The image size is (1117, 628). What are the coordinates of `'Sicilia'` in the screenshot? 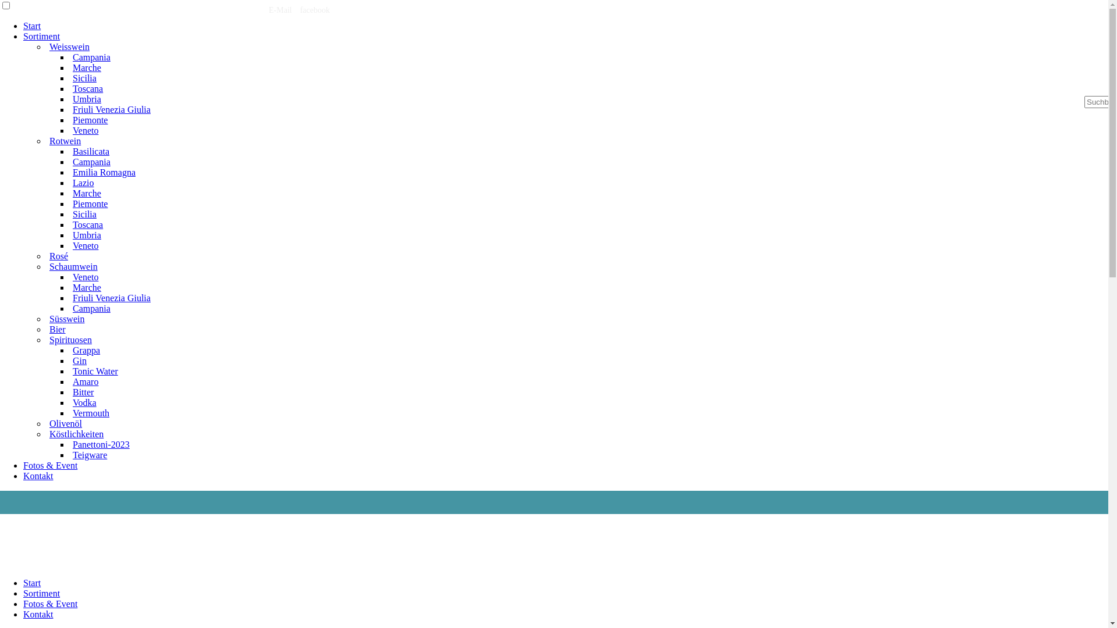 It's located at (84, 214).